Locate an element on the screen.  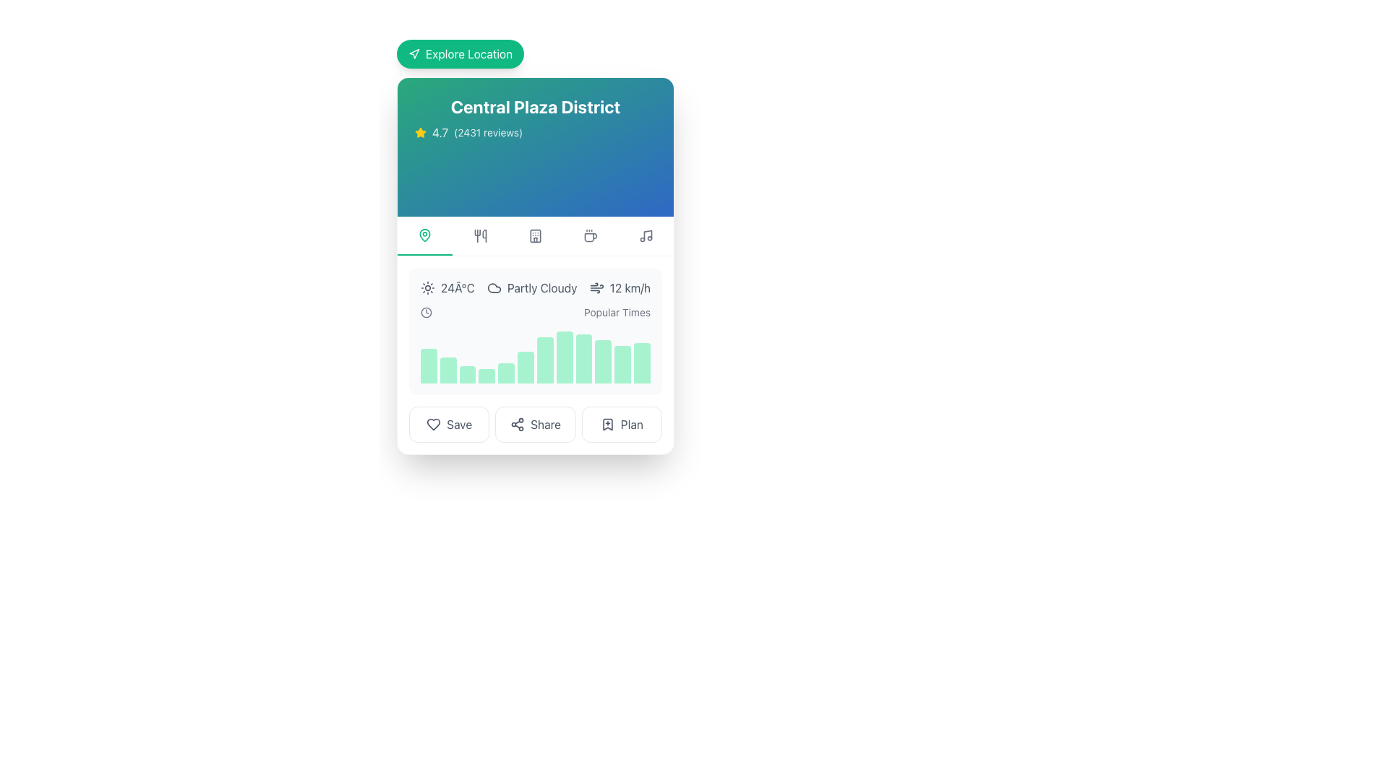
the share button located in the middle of a row of three buttons at the bottom of a card layout, positioned between the 'Save' button on the left and the 'Plan' button on the right, for keyboard accessibility is located at coordinates (534, 423).